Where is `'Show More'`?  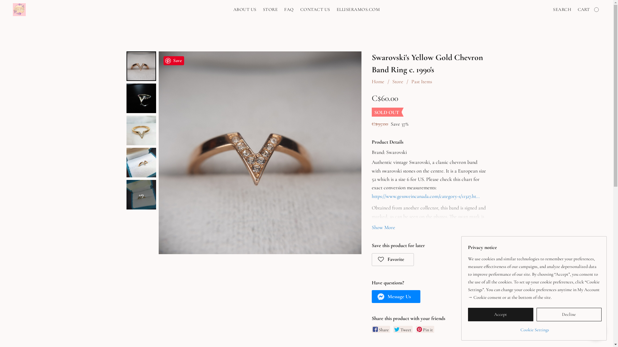
'Show More' is located at coordinates (383, 227).